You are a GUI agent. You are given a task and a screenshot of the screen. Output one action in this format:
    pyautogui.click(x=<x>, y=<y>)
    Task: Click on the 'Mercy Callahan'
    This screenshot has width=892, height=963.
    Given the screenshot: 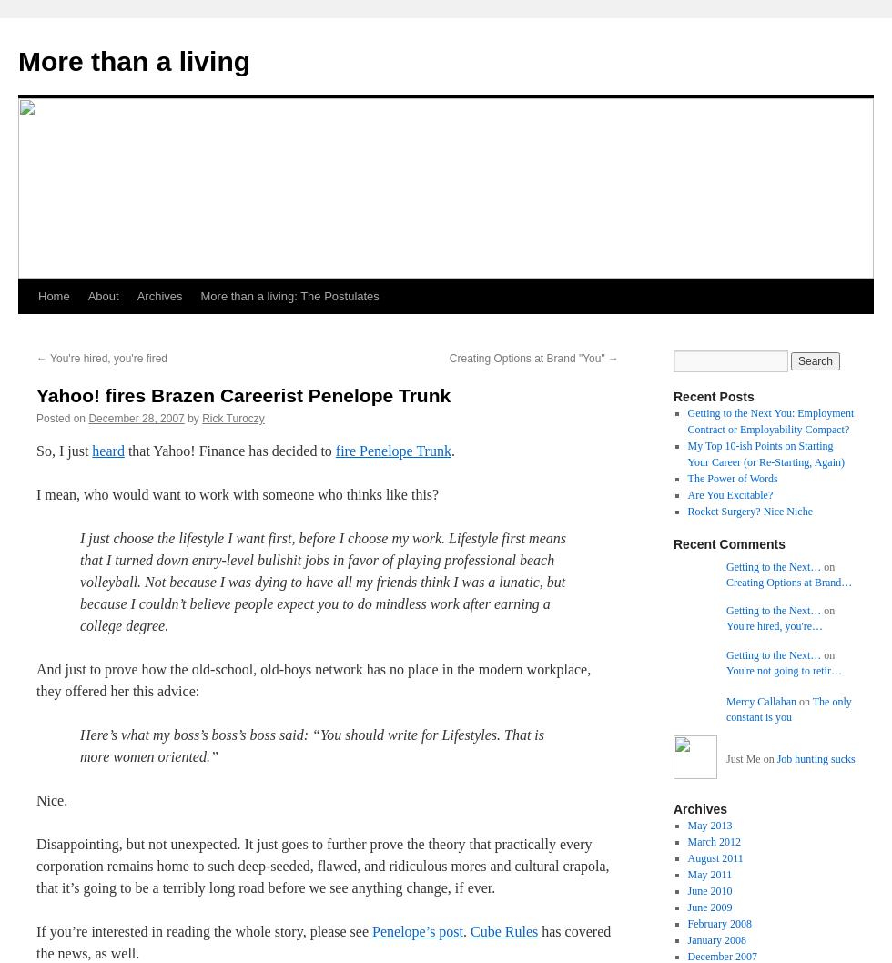 What is the action you would take?
    pyautogui.click(x=761, y=701)
    